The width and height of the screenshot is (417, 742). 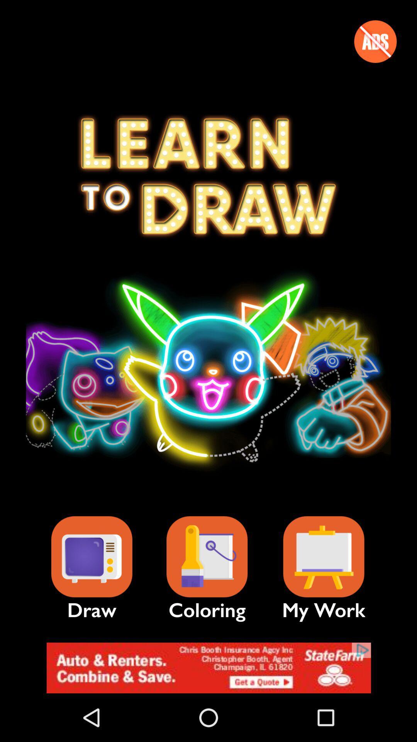 I want to click on my work, so click(x=324, y=557).